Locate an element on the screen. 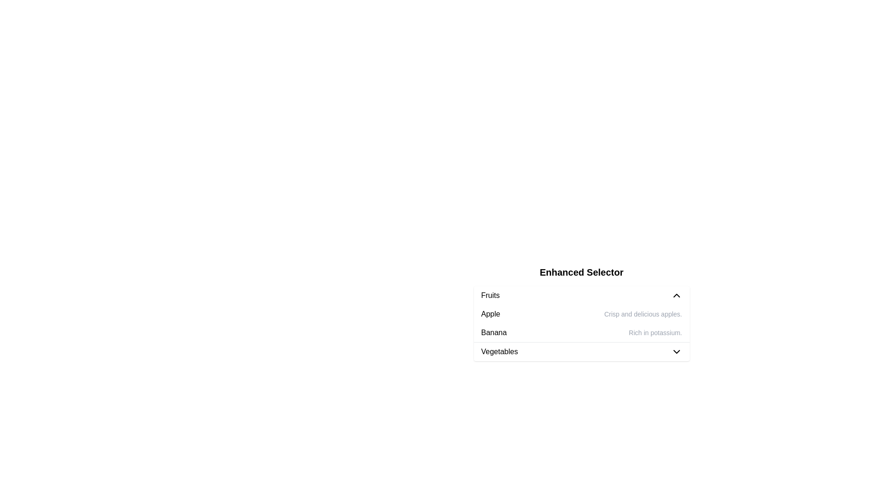 The image size is (893, 502). the 'Banana' text label is located at coordinates (493, 332).